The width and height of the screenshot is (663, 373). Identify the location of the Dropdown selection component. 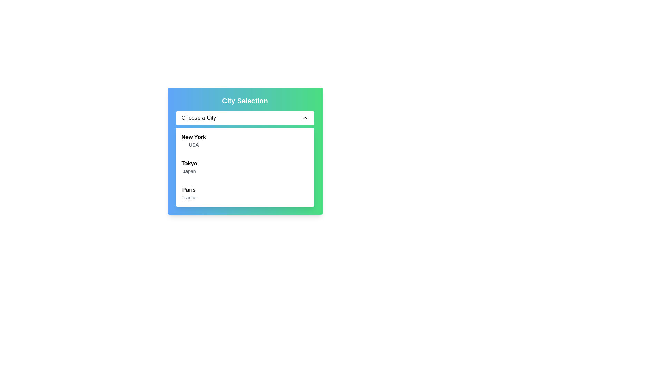
(245, 151).